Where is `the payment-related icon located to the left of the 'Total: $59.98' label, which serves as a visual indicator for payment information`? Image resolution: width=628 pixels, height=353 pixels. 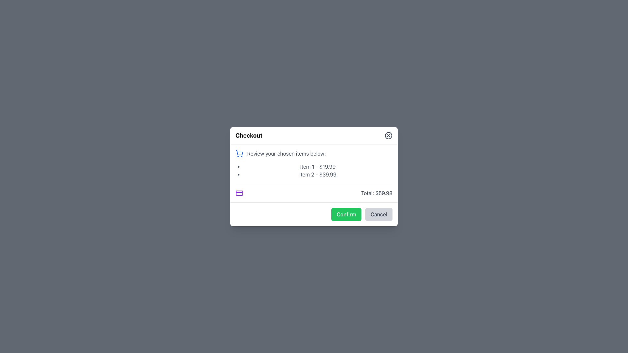
the payment-related icon located to the left of the 'Total: $59.98' label, which serves as a visual indicator for payment information is located at coordinates (239, 193).